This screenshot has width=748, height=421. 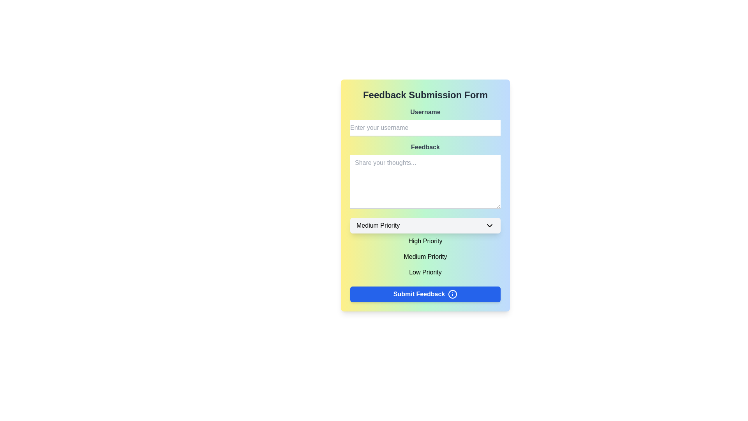 I want to click on the 'High Priority' option in the dropdown menu, which is the first option displaying black text on a multicolored gradient background, so click(x=425, y=241).